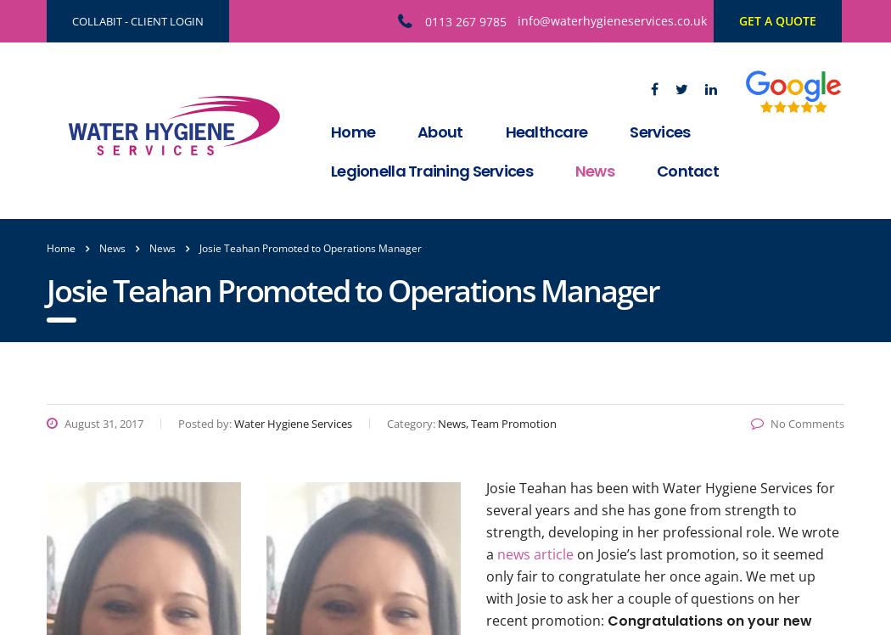  I want to click on 'Legionella Risk Assessment', so click(698, 211).